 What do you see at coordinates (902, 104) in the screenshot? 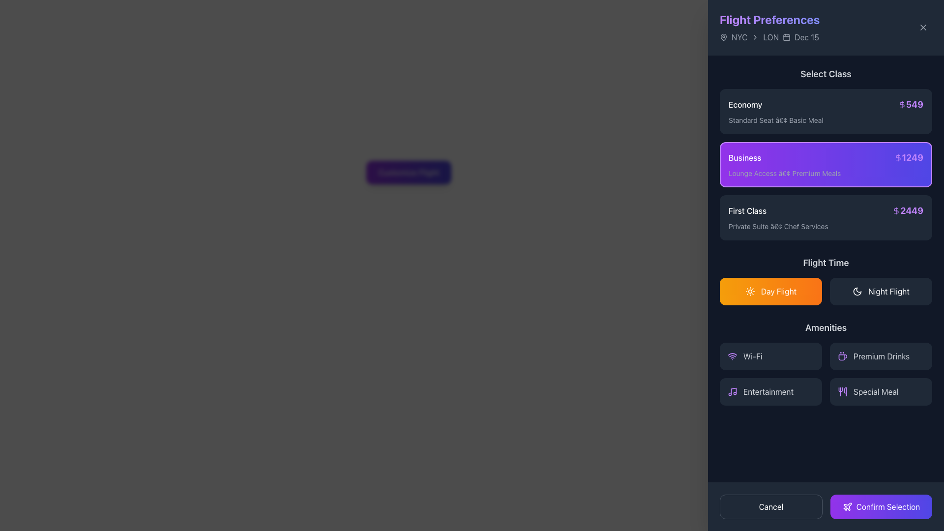
I see `the distinct dollar sign icon with purple strokes located in the 'Select Class' section, positioned just before the price '549'` at bounding box center [902, 104].